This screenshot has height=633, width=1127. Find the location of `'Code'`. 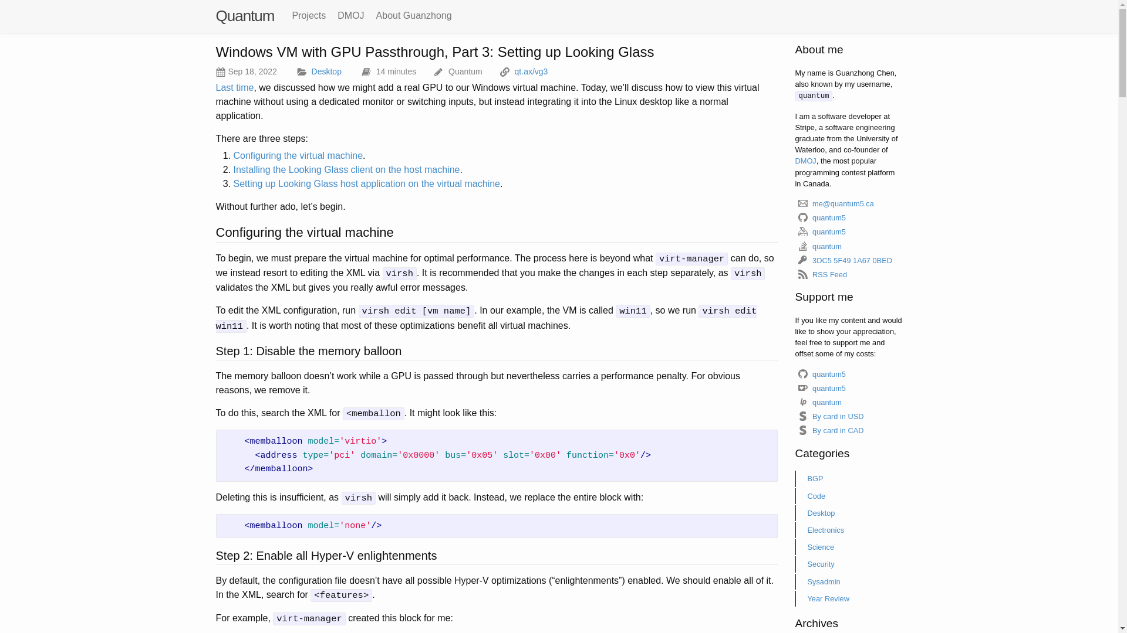

'Code' is located at coordinates (848, 496).